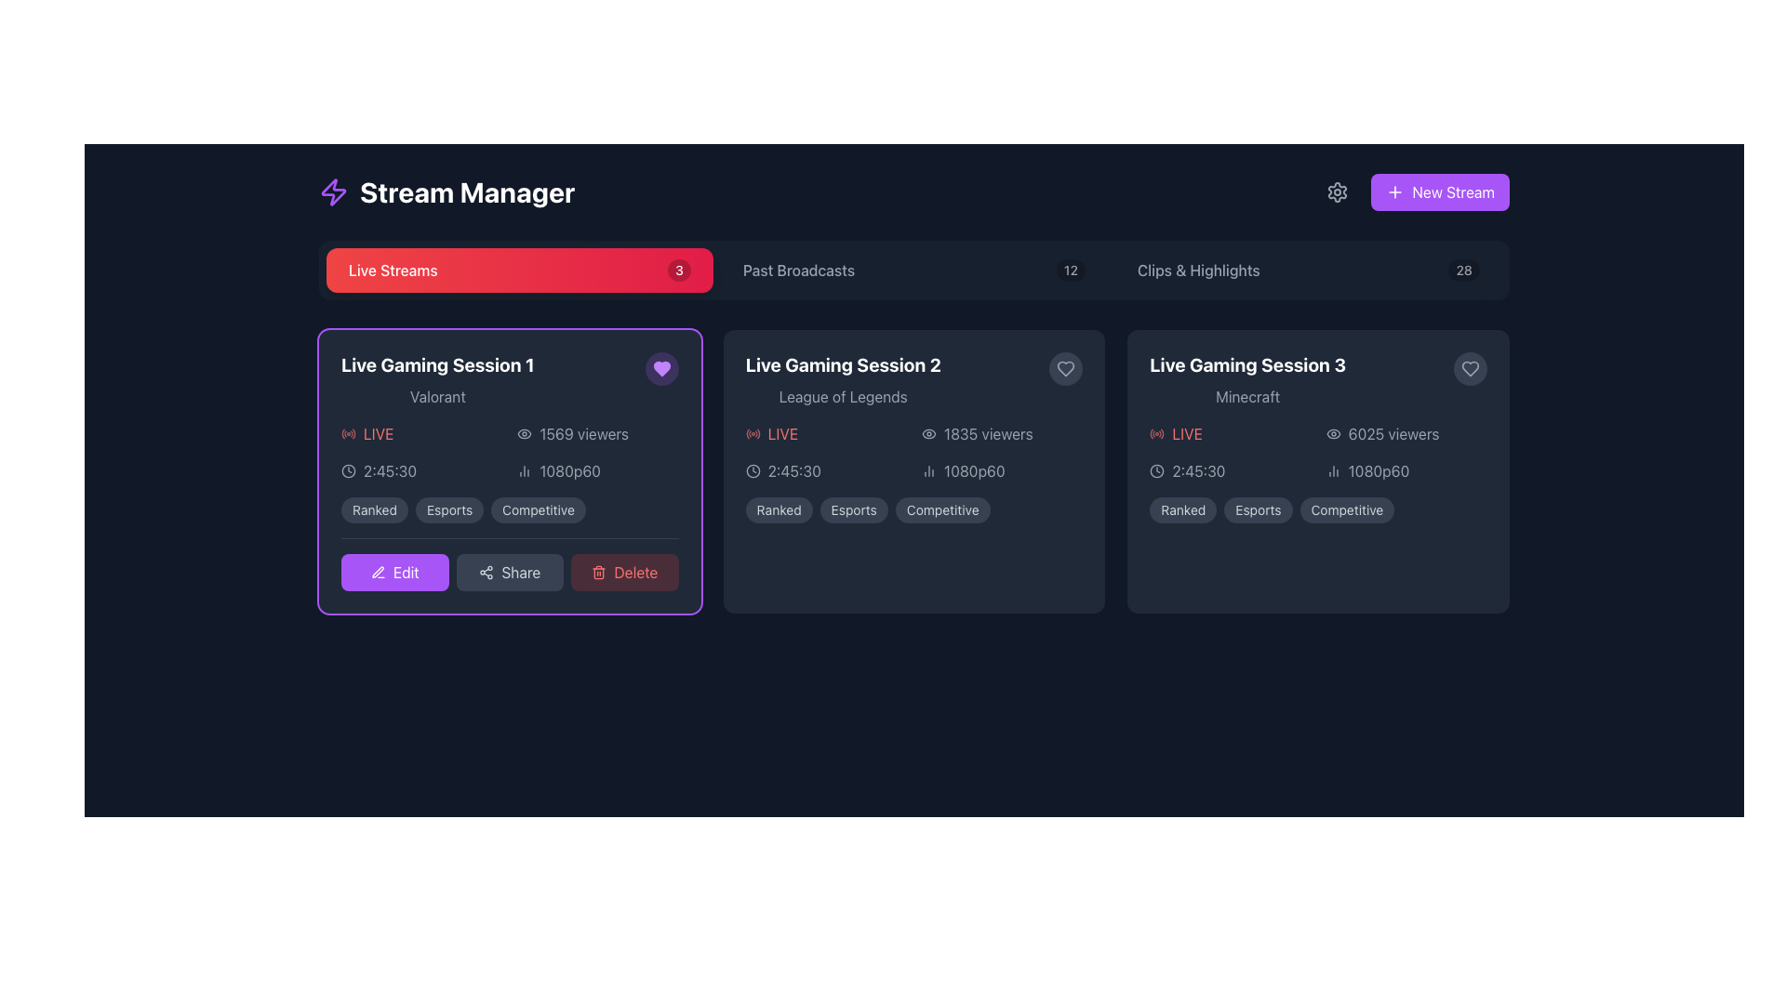 This screenshot has height=1004, width=1786. What do you see at coordinates (842, 378) in the screenshot?
I see `text displayed in the Text component that shows 'Live Gaming Session 2' and 'League of Legends', which is located in the upper area of the middle card in the 'Live Streams' section` at bounding box center [842, 378].